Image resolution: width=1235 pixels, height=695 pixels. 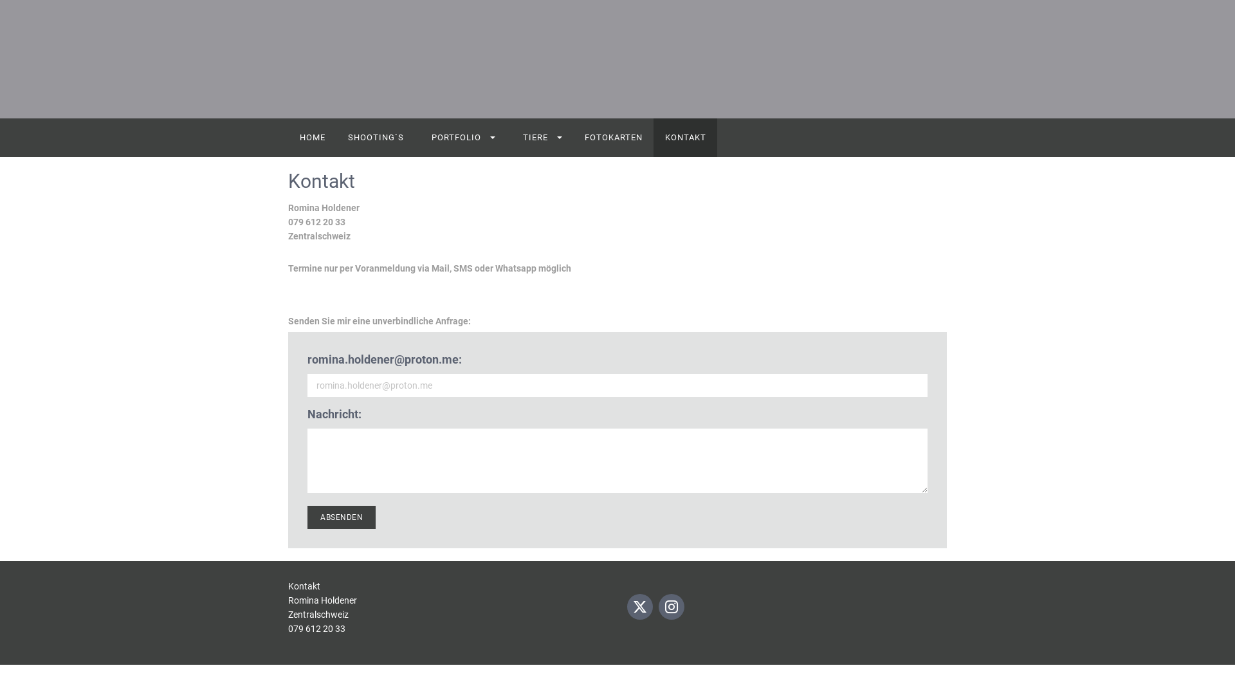 What do you see at coordinates (612, 137) in the screenshot?
I see `'FOTOKARTEN'` at bounding box center [612, 137].